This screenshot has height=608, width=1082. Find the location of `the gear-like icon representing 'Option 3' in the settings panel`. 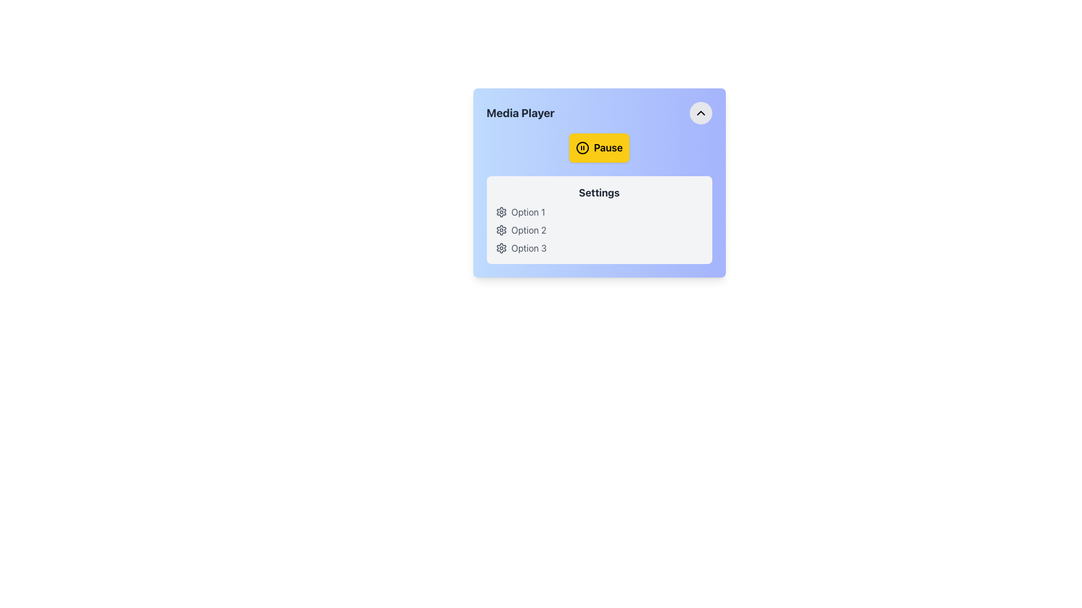

the gear-like icon representing 'Option 3' in the settings panel is located at coordinates (500, 247).